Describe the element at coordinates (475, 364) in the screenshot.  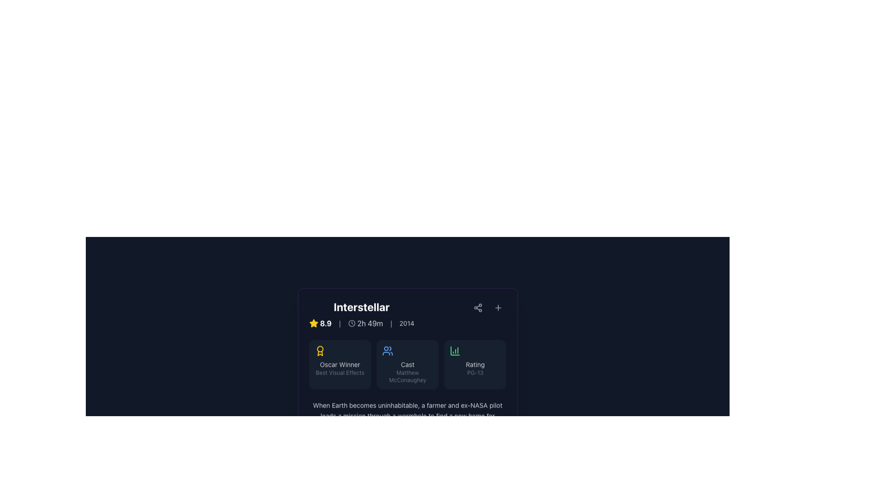
I see `text content of the 'Rating' label, which is a small light gray text displayed within a dark background card, positioned below the charts icon and above the 'PG-13' label` at that location.